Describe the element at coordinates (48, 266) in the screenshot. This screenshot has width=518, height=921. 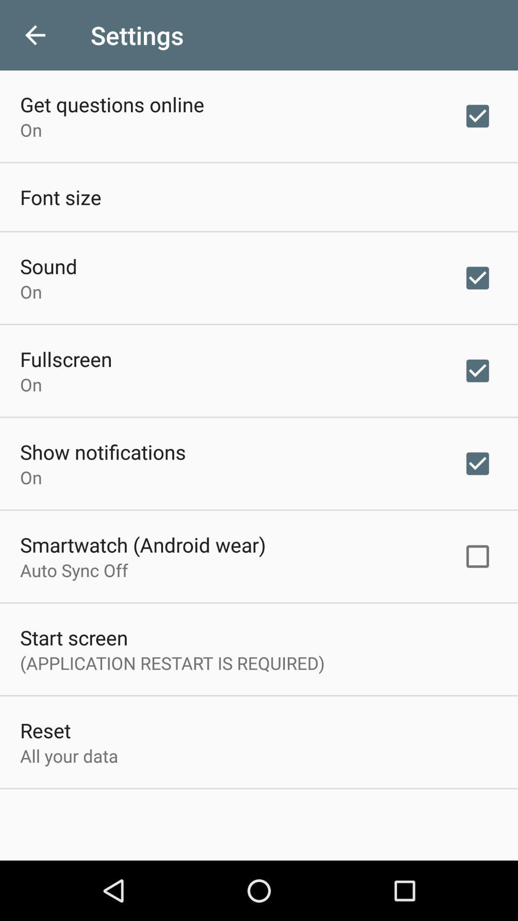
I see `the item below the font size` at that location.